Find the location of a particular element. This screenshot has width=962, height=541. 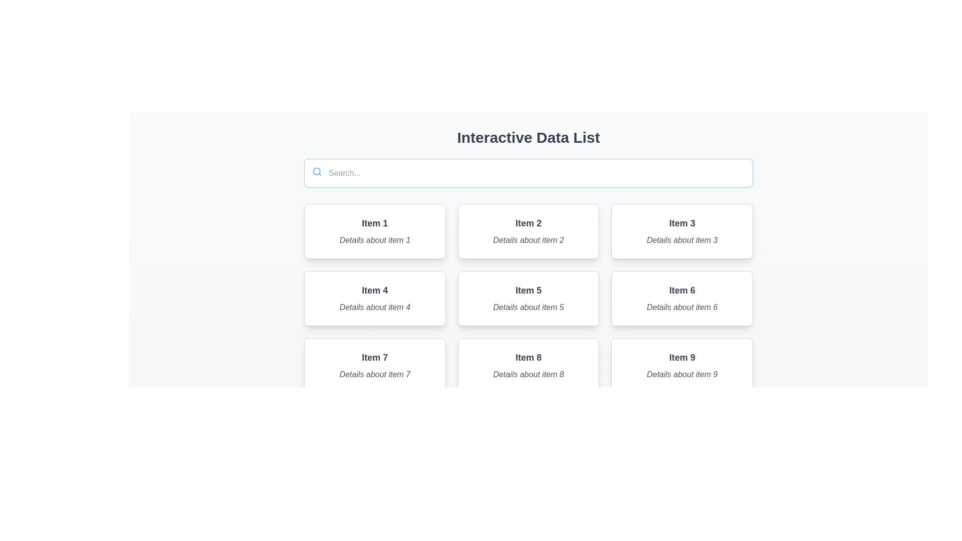

the fourth card in the grid layout, which displays 'Item 4' in bold and 'Details about item 4' in italic is located at coordinates (374, 298).